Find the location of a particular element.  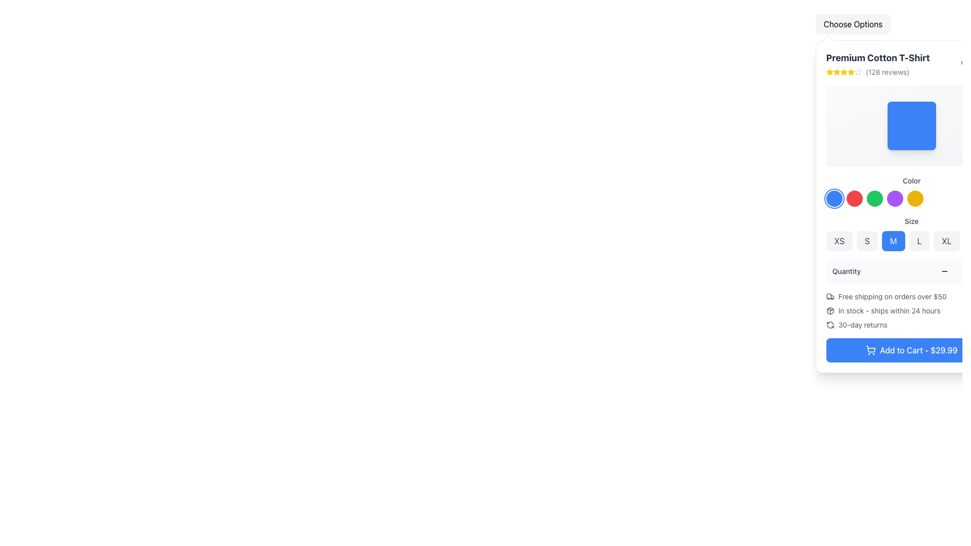

the third yellow star icon in the rating system, located near the title 'Premium Cotton T-Shirt' is located at coordinates (836, 71).